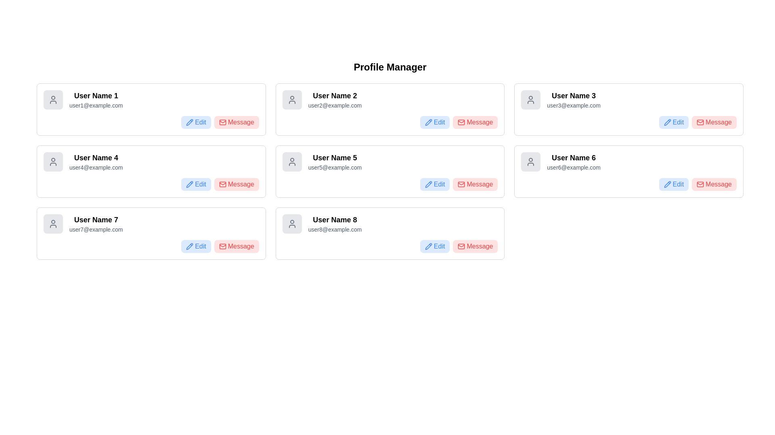  Describe the element at coordinates (222, 184) in the screenshot. I see `the envelope icon, which is part of the 'Message' button` at that location.